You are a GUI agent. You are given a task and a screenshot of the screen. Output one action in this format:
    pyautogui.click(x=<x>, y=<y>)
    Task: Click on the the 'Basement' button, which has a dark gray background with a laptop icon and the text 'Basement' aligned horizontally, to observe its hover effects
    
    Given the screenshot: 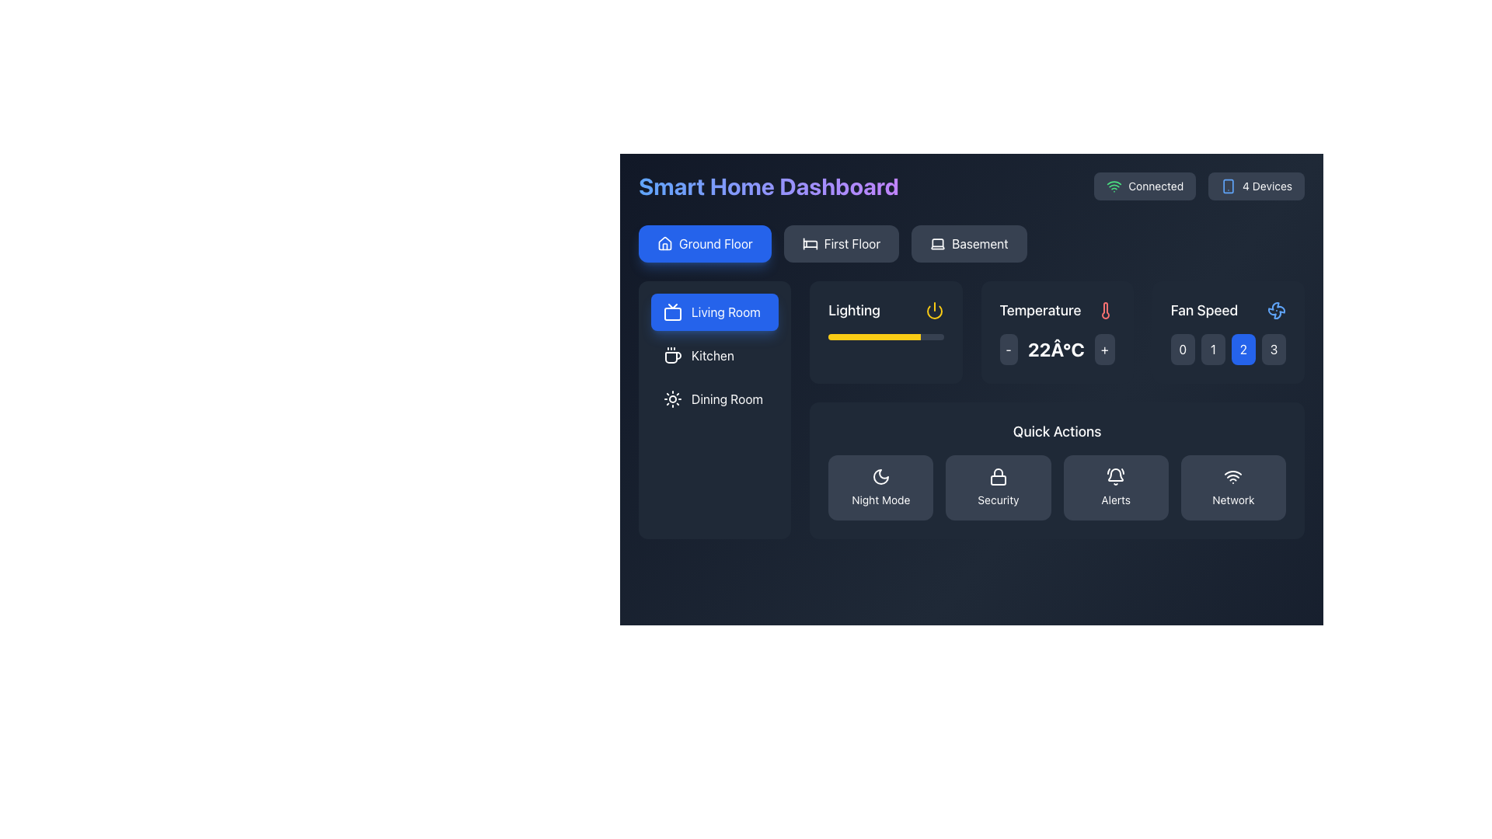 What is the action you would take?
    pyautogui.click(x=968, y=243)
    